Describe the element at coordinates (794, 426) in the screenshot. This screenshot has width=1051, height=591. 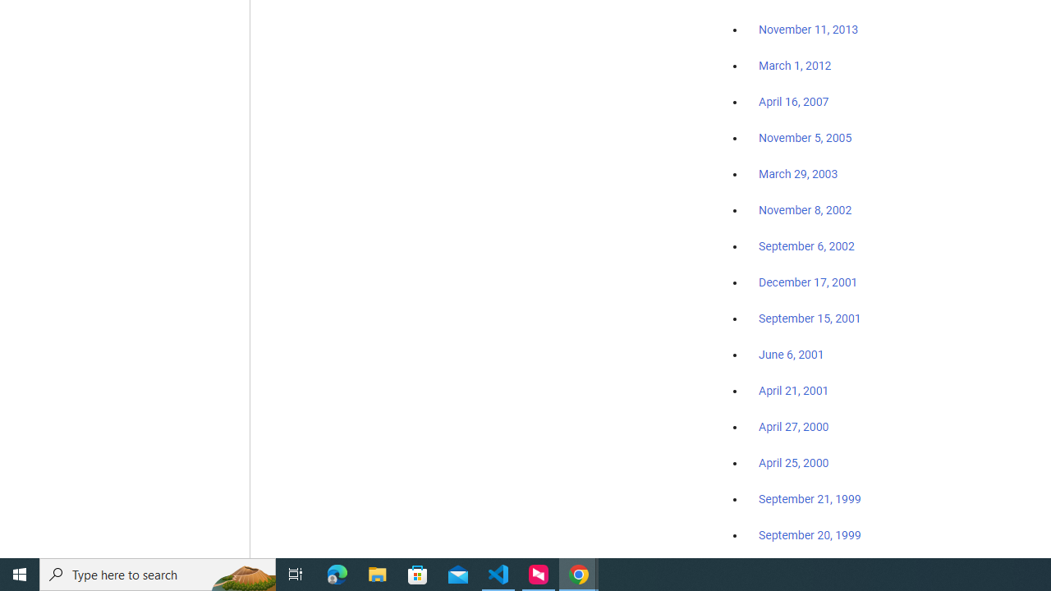
I see `'April 27, 2000'` at that location.